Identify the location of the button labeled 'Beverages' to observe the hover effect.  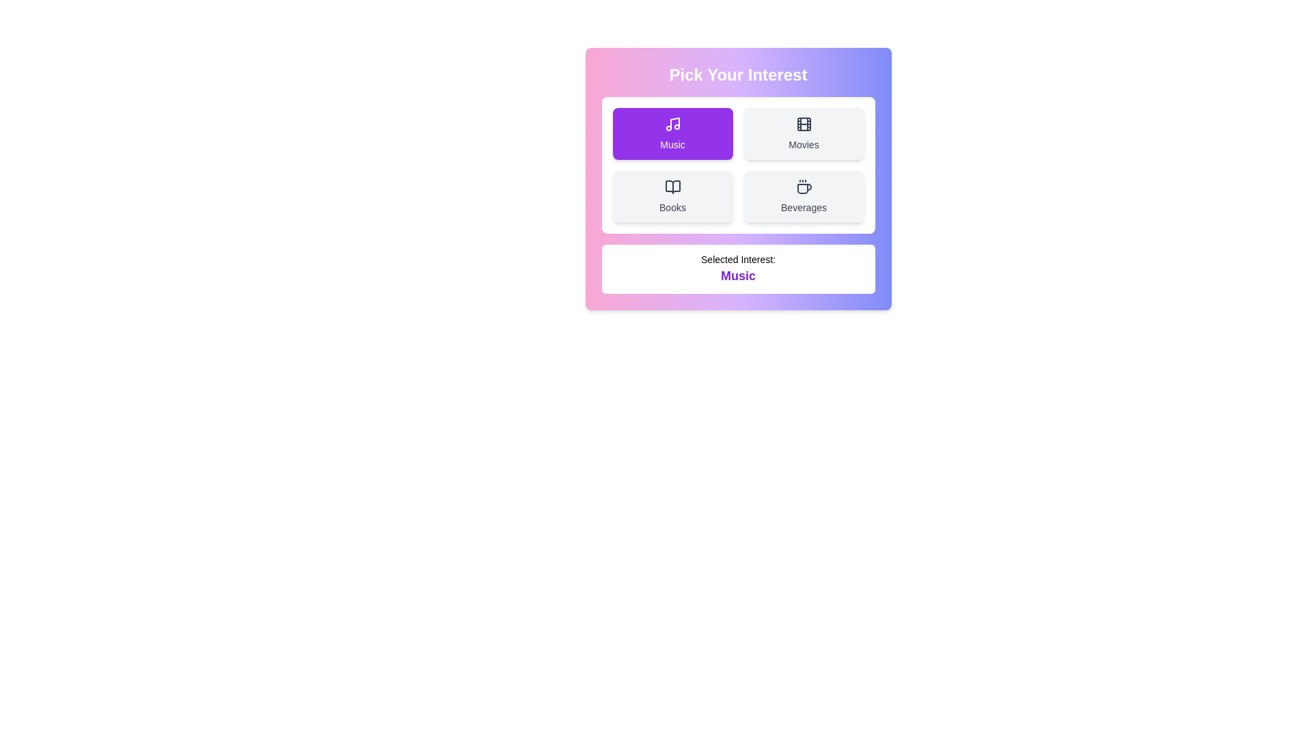
(804, 197).